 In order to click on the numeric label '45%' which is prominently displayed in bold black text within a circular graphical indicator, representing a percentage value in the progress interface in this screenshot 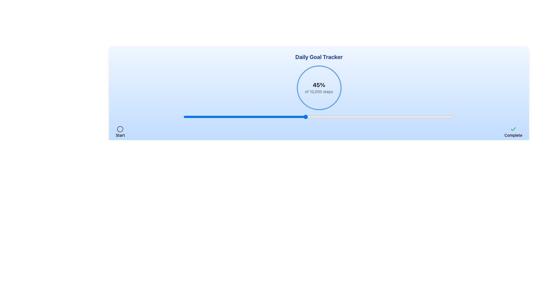, I will do `click(319, 85)`.